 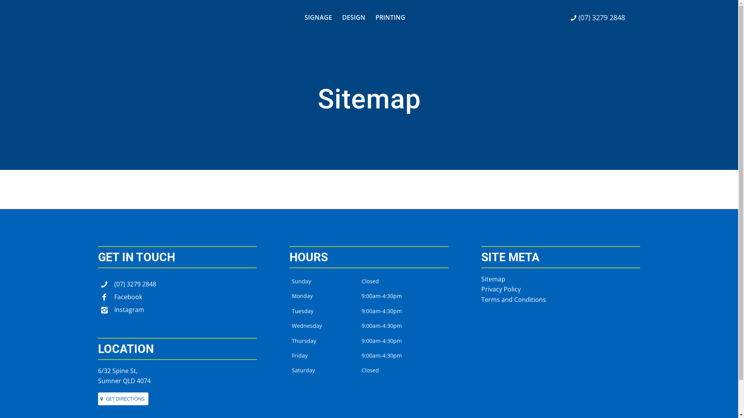 I want to click on 'PRINTING', so click(x=390, y=17).